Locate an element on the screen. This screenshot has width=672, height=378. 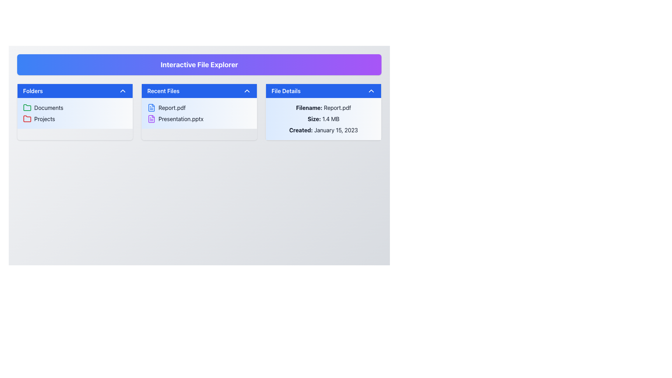
the Information Panel titled 'File Details' is located at coordinates (323, 112).